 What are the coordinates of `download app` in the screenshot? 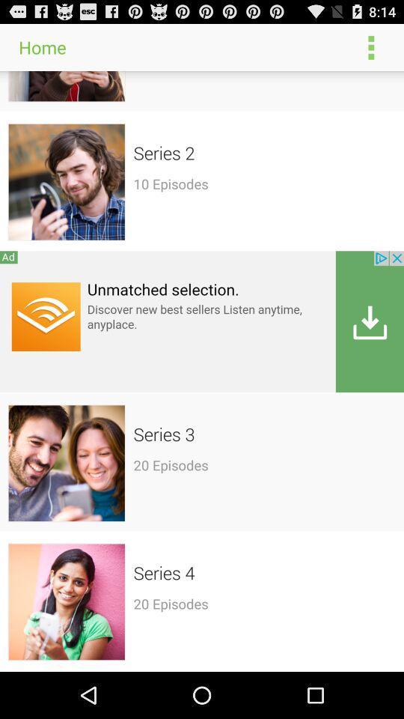 It's located at (202, 321).